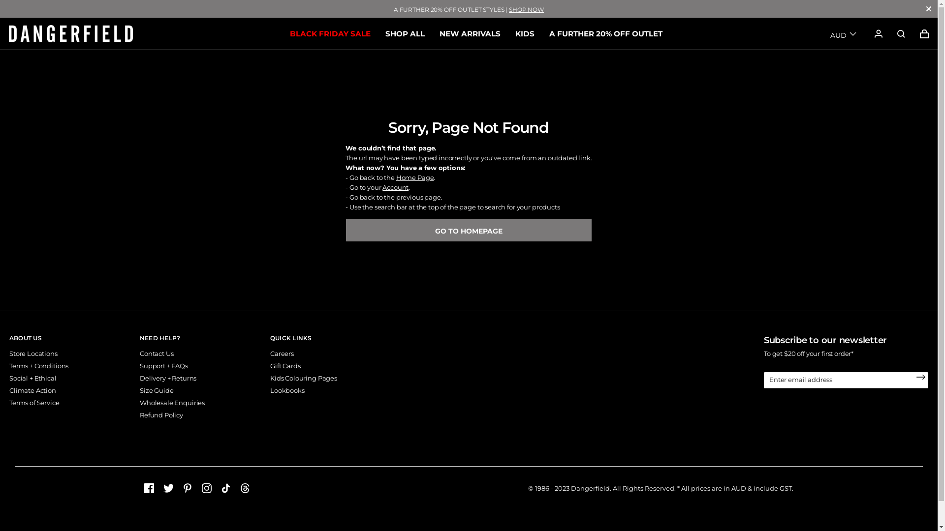 Image resolution: width=945 pixels, height=531 pixels. Describe the element at coordinates (161, 415) in the screenshot. I see `'Refund Policy'` at that location.